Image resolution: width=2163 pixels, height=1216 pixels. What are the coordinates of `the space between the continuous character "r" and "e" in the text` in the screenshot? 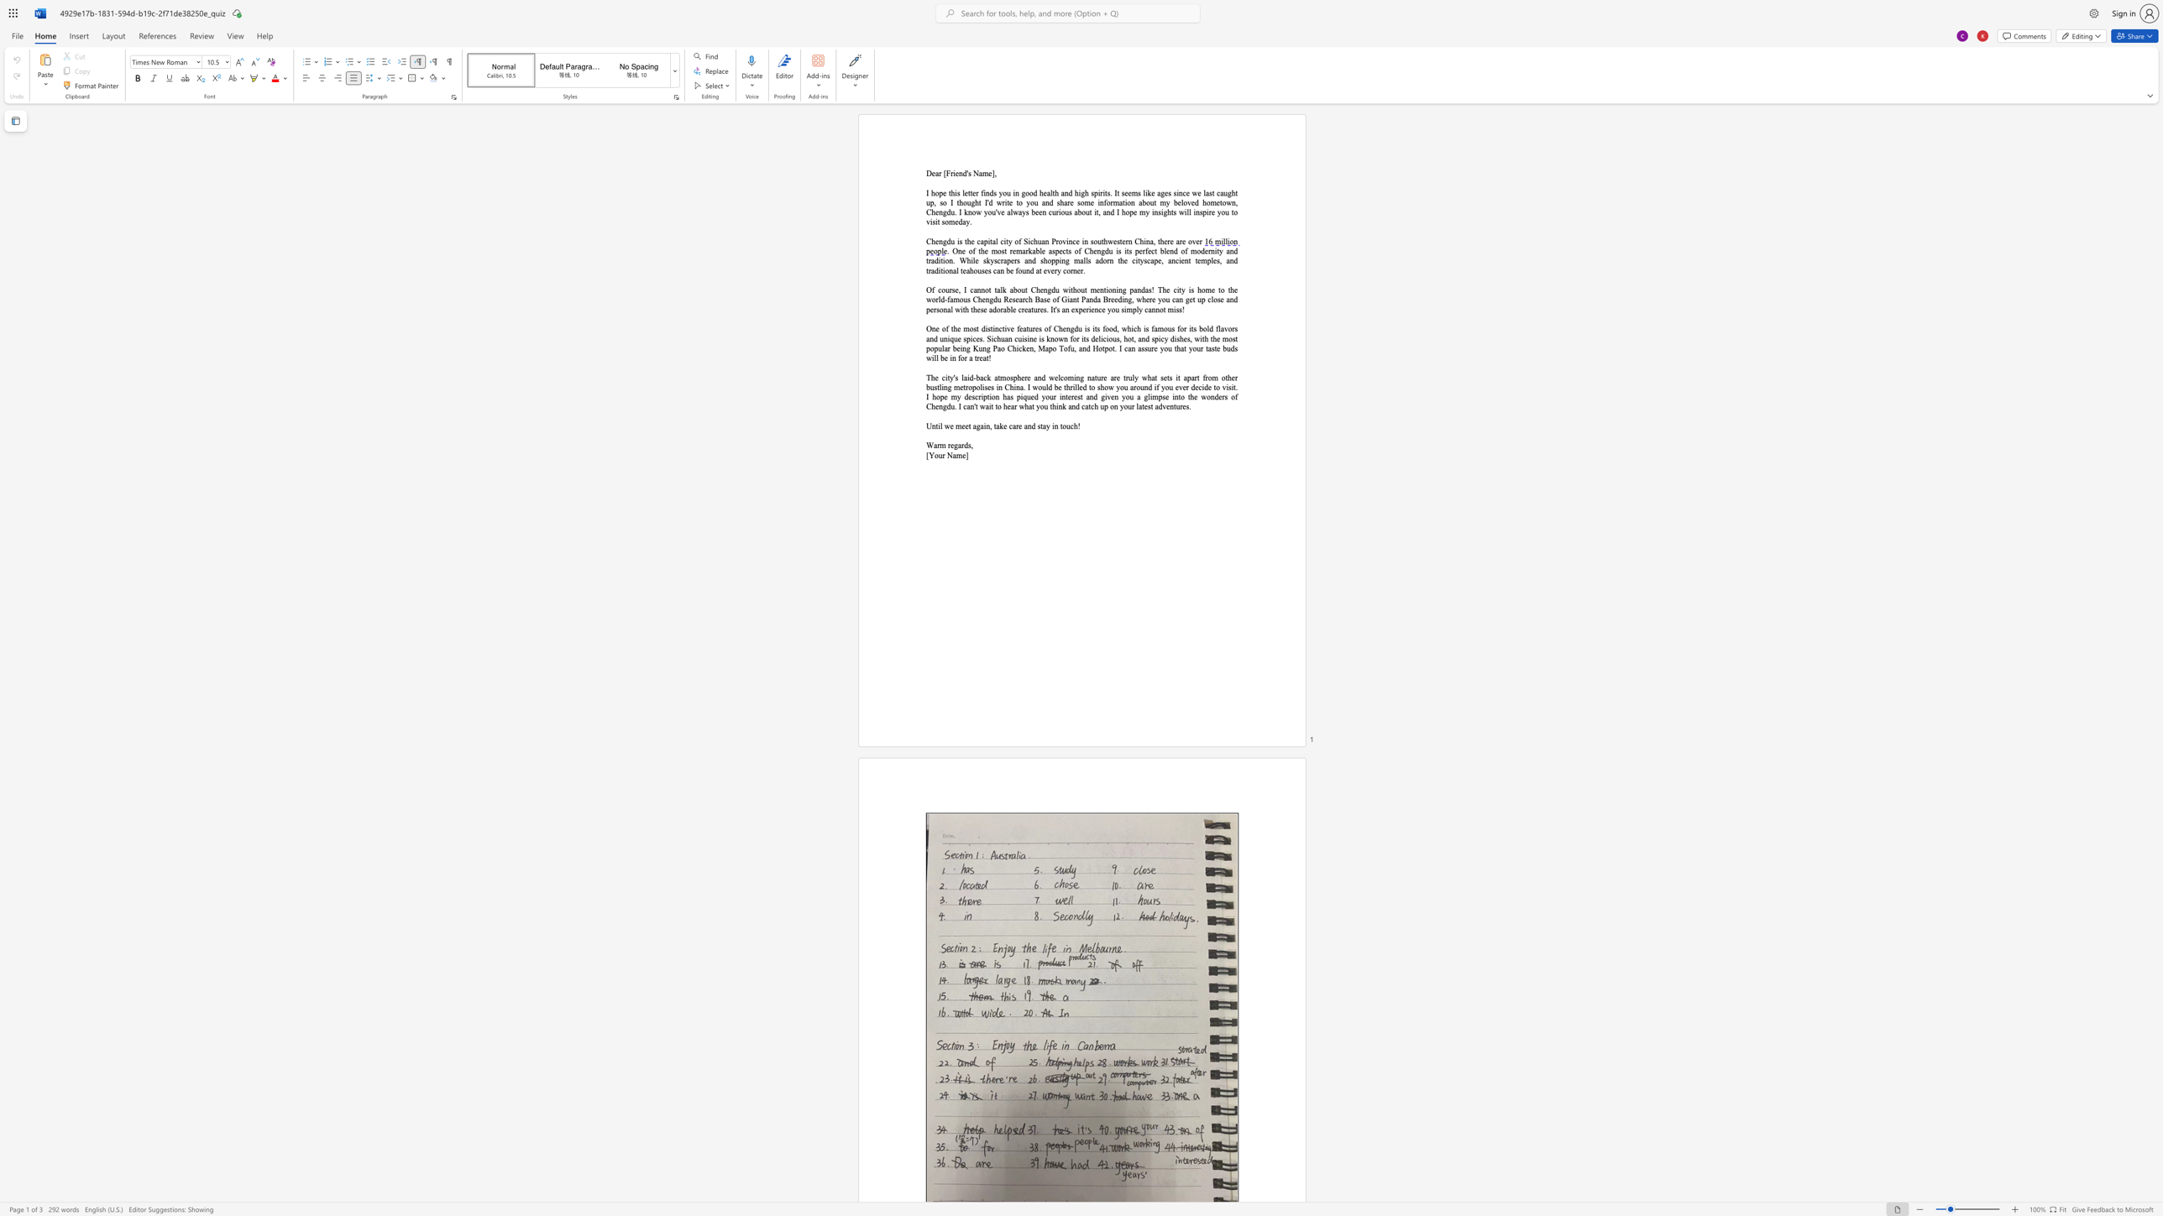 It's located at (1012, 251).